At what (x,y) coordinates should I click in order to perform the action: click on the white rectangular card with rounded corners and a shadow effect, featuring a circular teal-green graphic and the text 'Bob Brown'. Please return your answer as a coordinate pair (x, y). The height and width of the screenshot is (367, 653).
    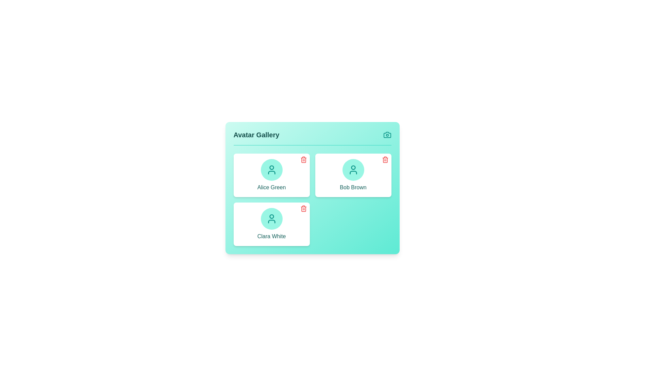
    Looking at the image, I should click on (353, 175).